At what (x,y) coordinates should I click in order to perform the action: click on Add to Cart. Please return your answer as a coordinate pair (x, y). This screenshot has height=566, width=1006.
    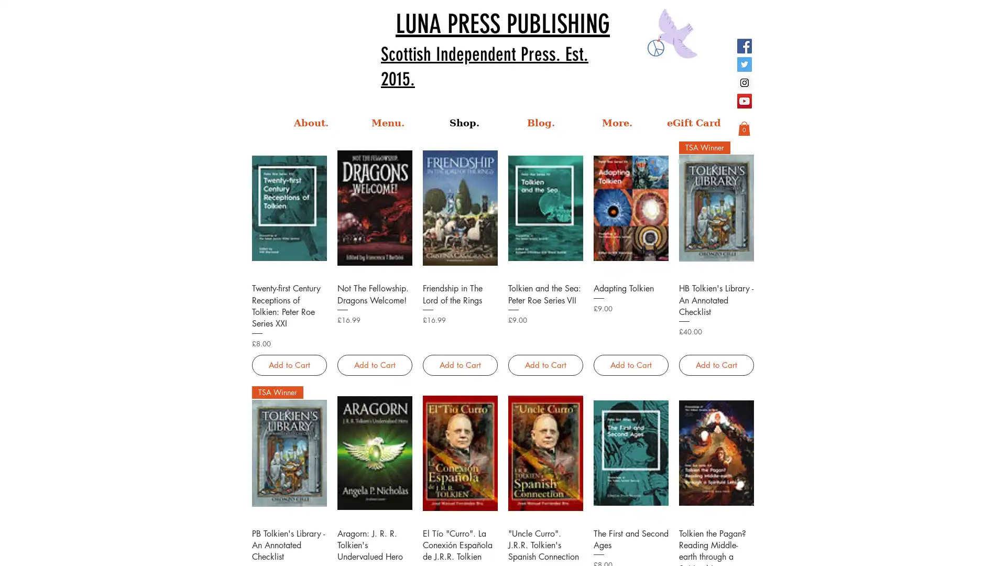
    Looking at the image, I should click on (630, 364).